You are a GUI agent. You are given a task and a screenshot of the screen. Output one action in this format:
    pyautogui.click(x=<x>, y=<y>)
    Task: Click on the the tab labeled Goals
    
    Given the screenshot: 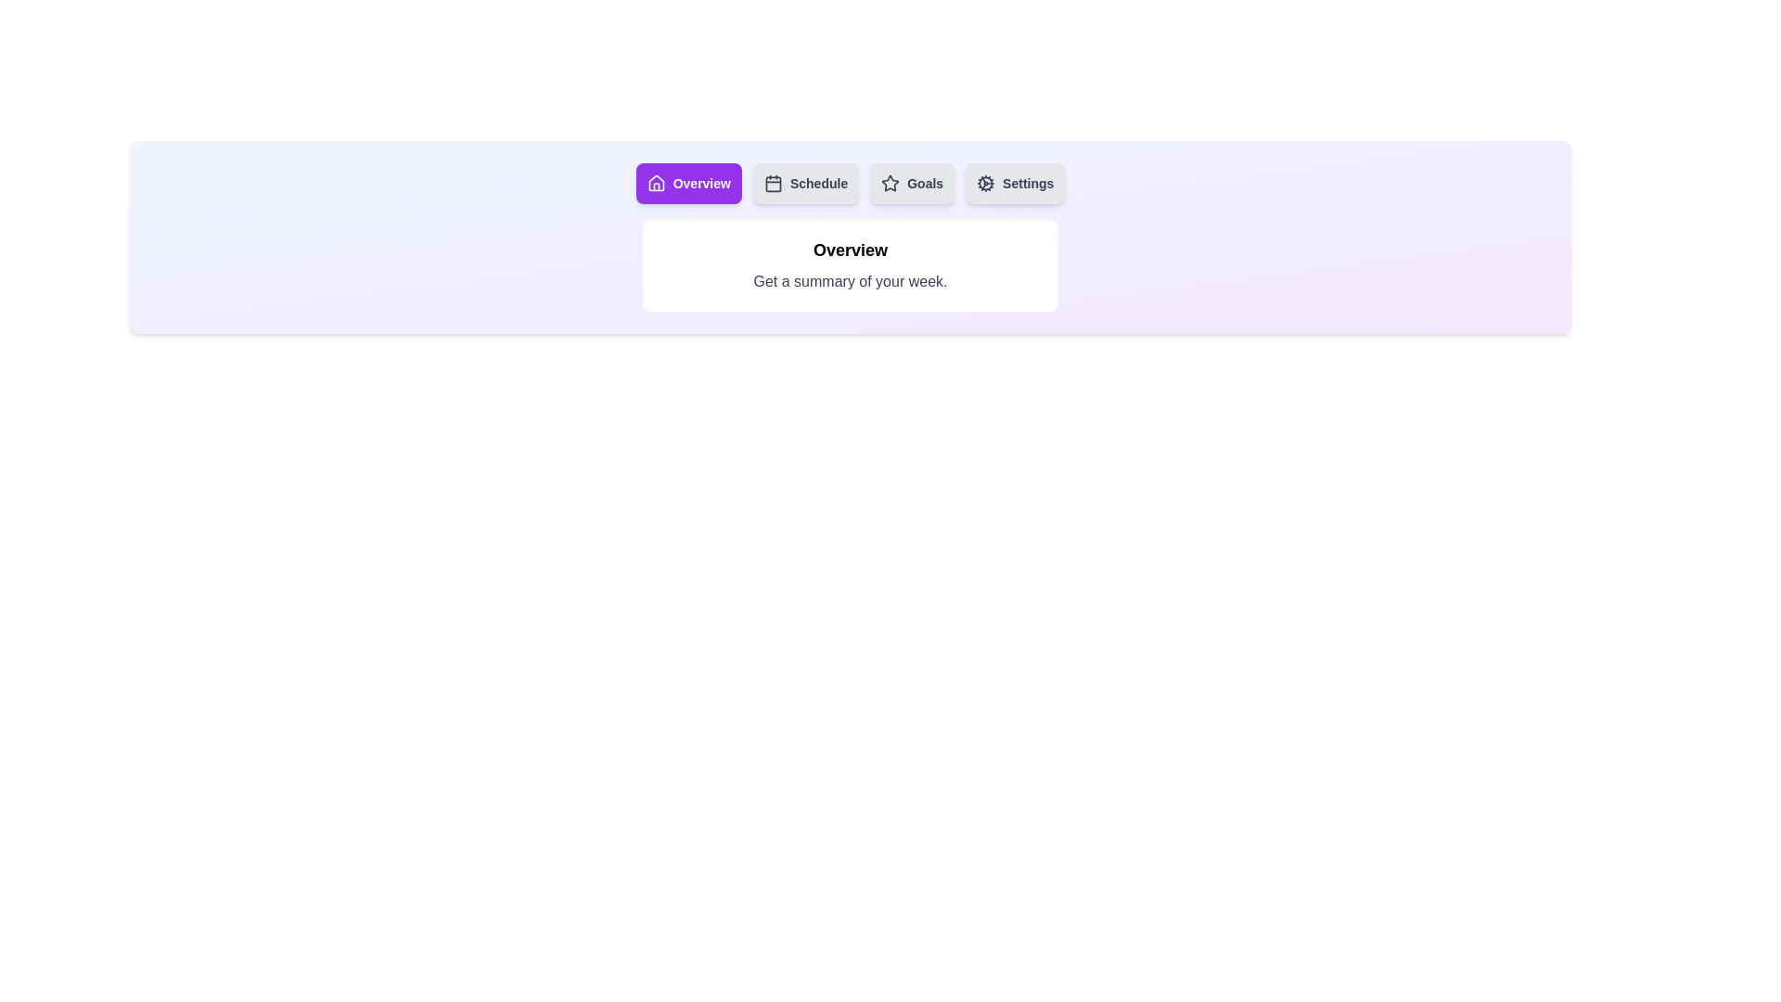 What is the action you would take?
    pyautogui.click(x=912, y=183)
    